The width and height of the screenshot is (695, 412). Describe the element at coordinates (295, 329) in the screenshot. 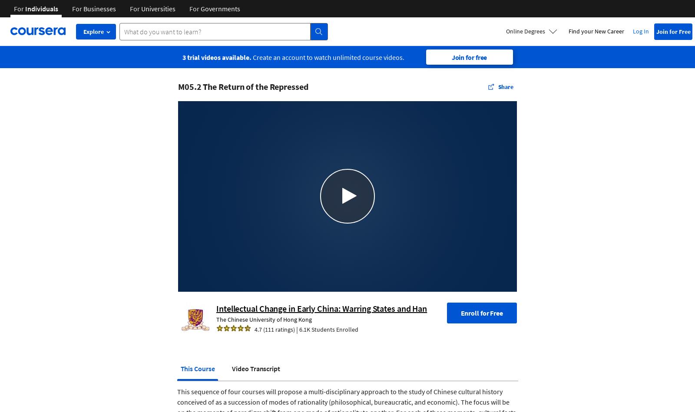

I see `'|'` at that location.